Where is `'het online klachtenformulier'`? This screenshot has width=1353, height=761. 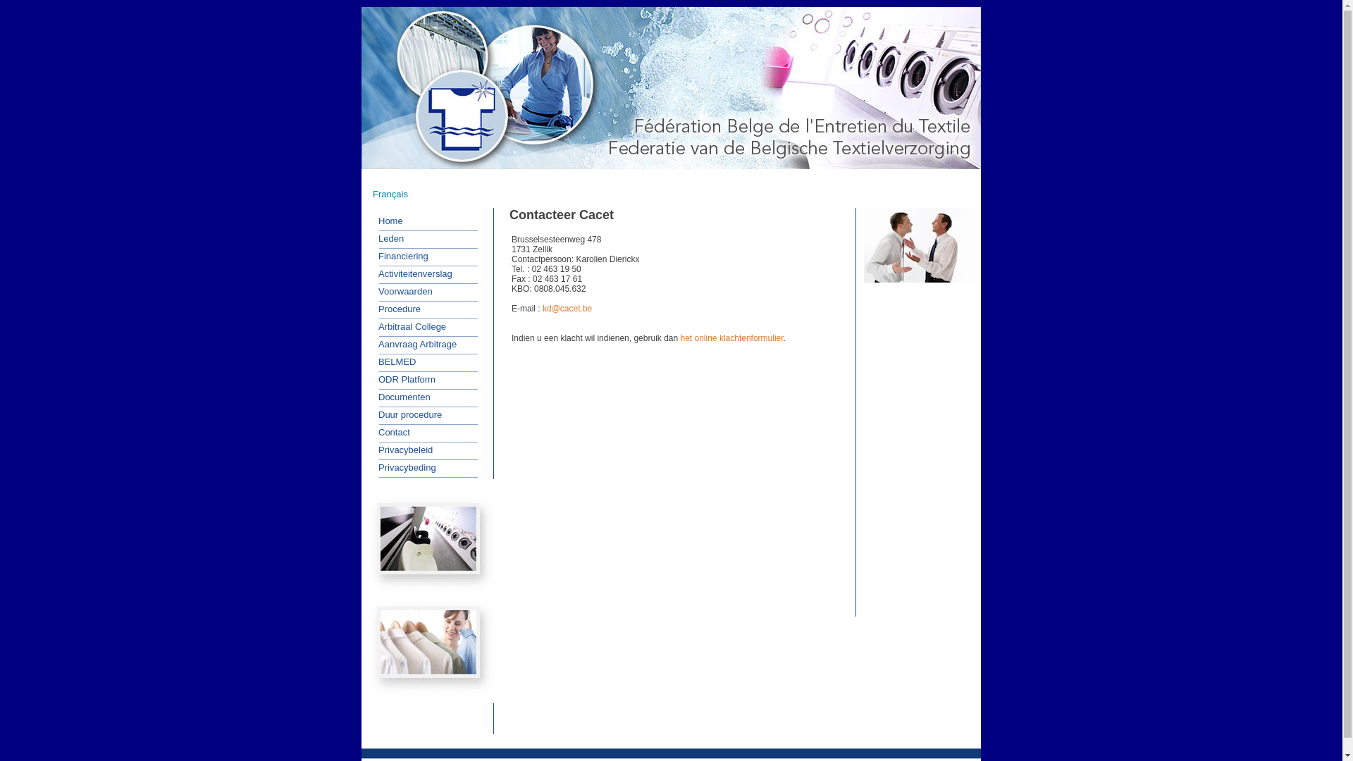 'het online klachtenformulier' is located at coordinates (731, 338).